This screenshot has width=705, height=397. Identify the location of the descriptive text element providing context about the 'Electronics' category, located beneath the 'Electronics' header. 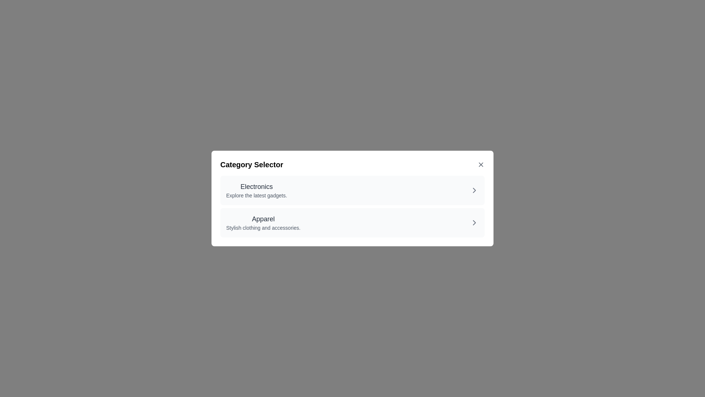
(256, 195).